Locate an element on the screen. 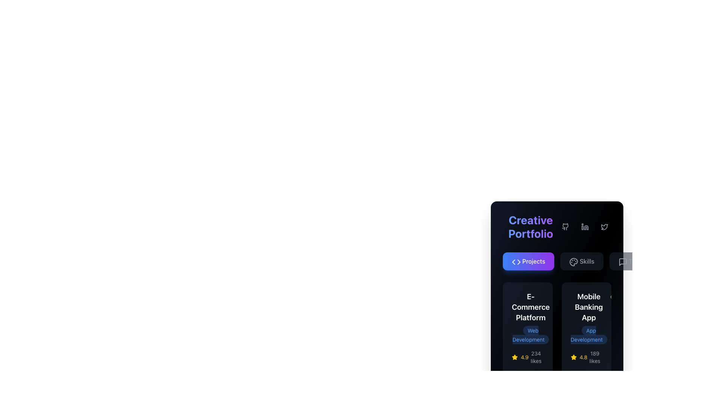 This screenshot has height=405, width=721. the rating value displayed as '4.8' next to the yellow star icon in the 'Mobile Banking App' card located in the lower section of the card is located at coordinates (578, 357).